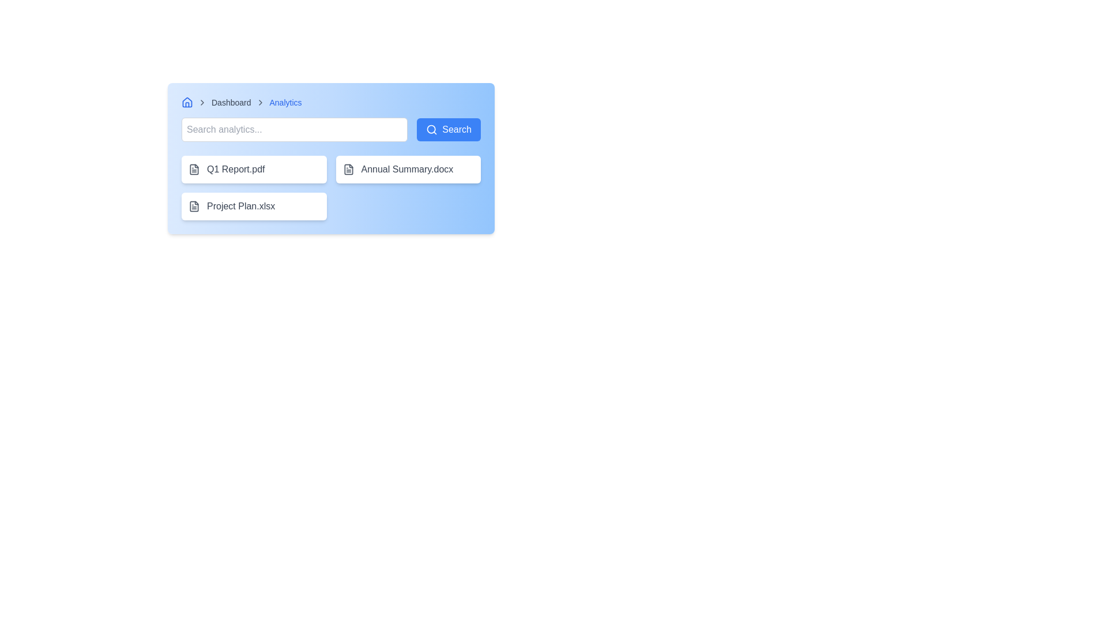 This screenshot has width=1107, height=623. Describe the element at coordinates (231, 102) in the screenshot. I see `the 'Dashboard' text link in the breadcrumb navigation` at that location.